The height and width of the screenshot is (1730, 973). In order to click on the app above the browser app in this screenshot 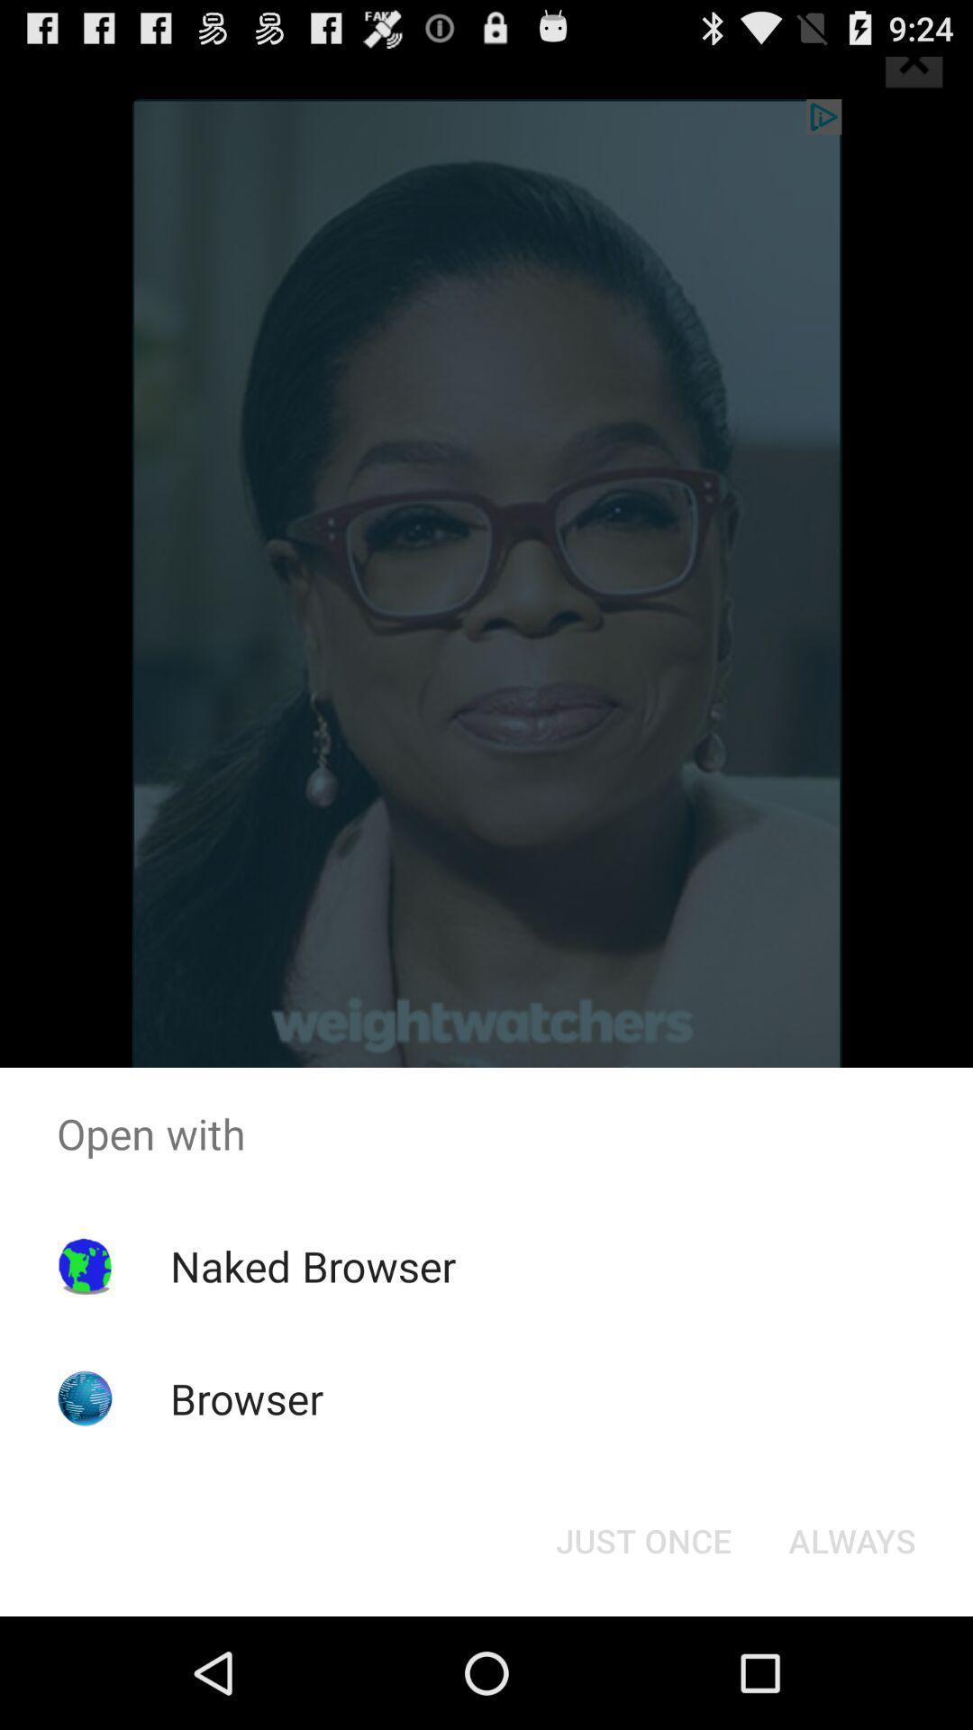, I will do `click(312, 1265)`.